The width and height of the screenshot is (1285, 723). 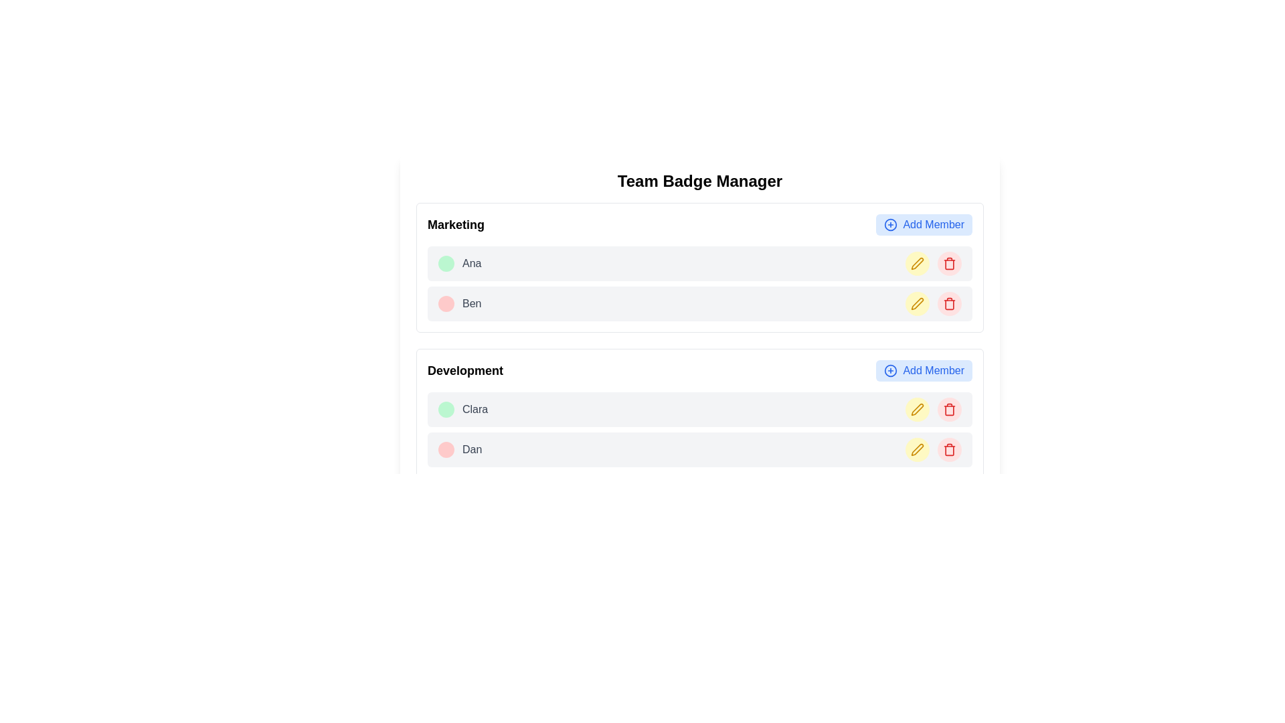 I want to click on text 'Ana' and 'Active' from the informational badge indicating the status of the team member in the 'Marketing' section of the 'Team Badge Manager' application, so click(x=460, y=263).